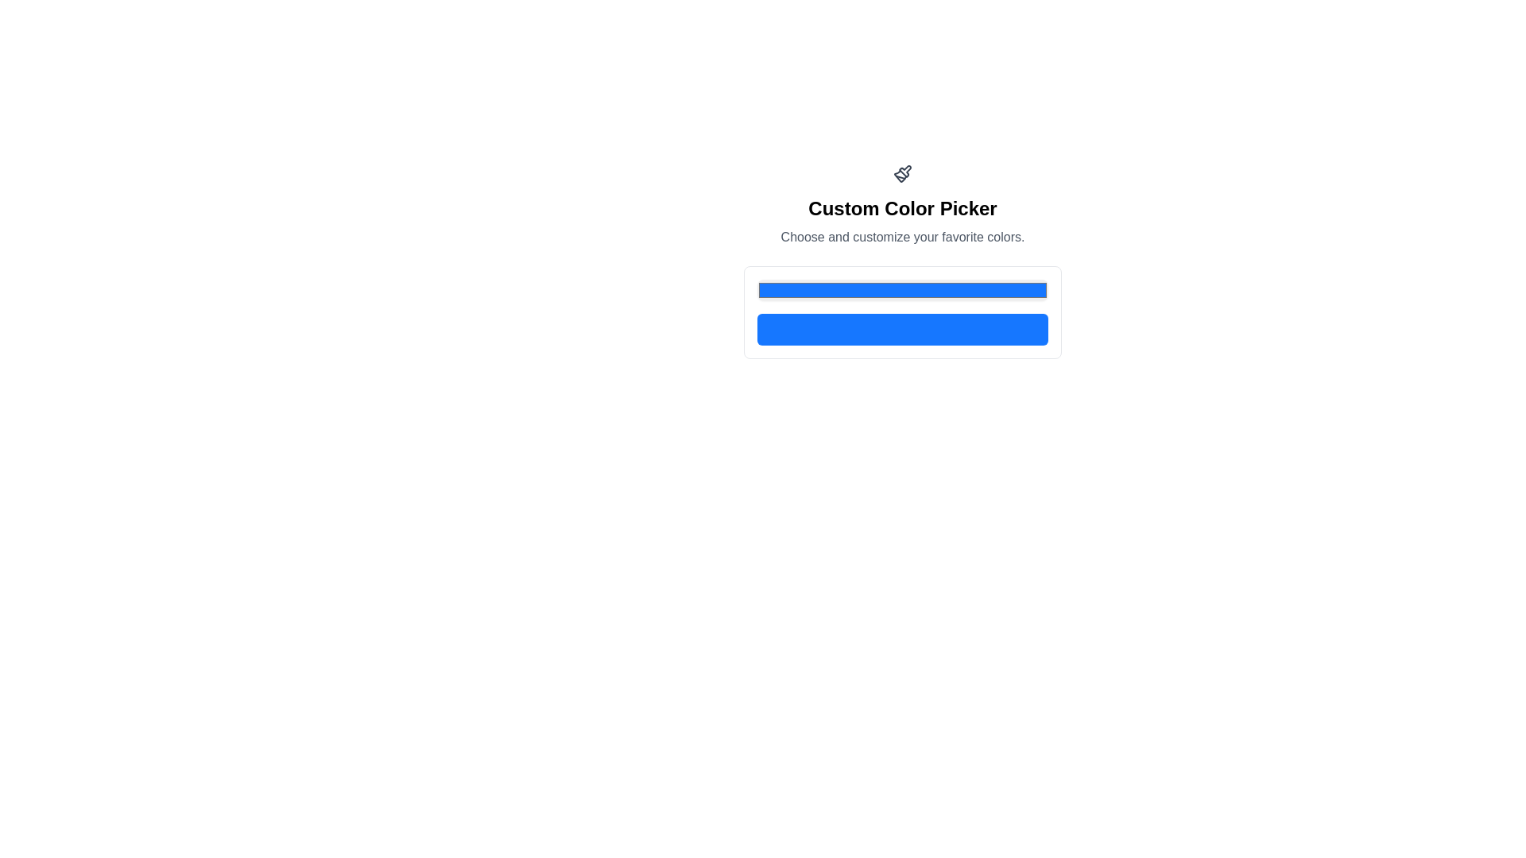 This screenshot has height=858, width=1526. Describe the element at coordinates (903, 290) in the screenshot. I see `the Color input field with a vibrant blue color, located under the 'Custom Color Picker' heading` at that location.